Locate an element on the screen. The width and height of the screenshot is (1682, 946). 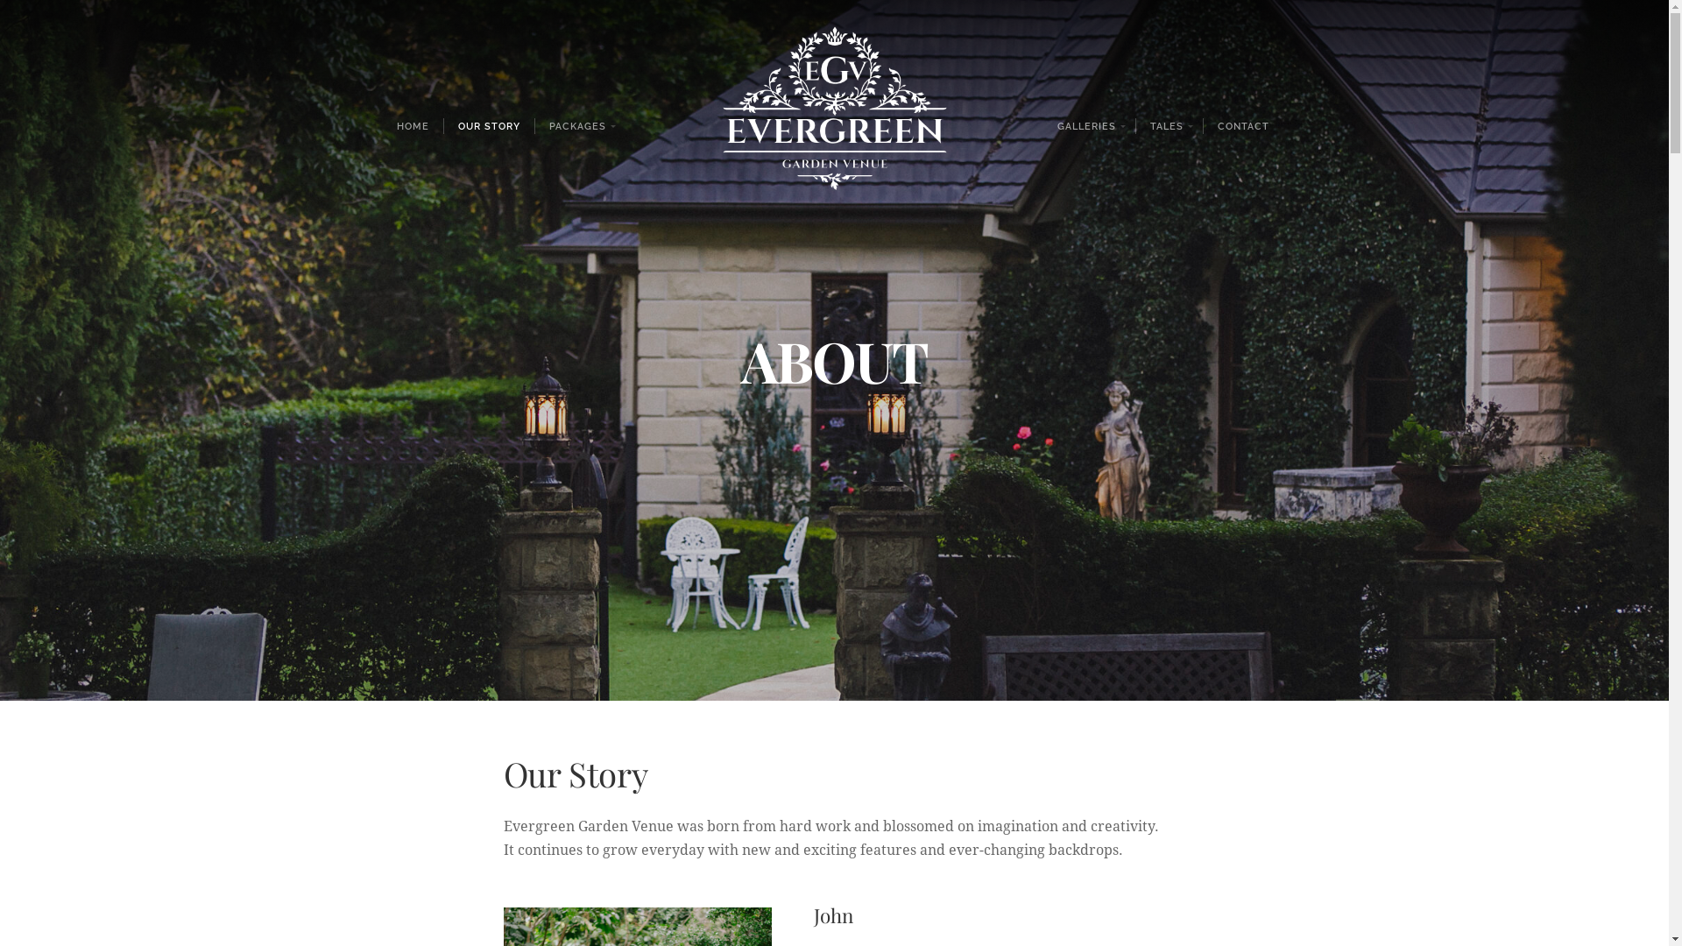
'PACKAGES' is located at coordinates (580, 124).